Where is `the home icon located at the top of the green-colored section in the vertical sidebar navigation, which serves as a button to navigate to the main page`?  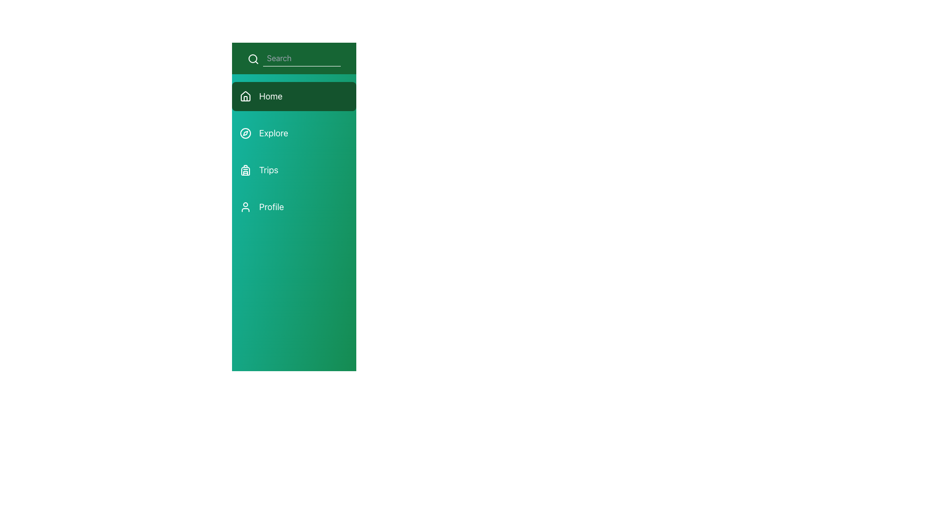
the home icon located at the top of the green-colored section in the vertical sidebar navigation, which serves as a button to navigate to the main page is located at coordinates (245, 97).